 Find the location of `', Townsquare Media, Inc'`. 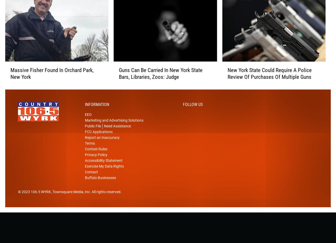

', Townsquare Media, Inc' is located at coordinates (51, 200).